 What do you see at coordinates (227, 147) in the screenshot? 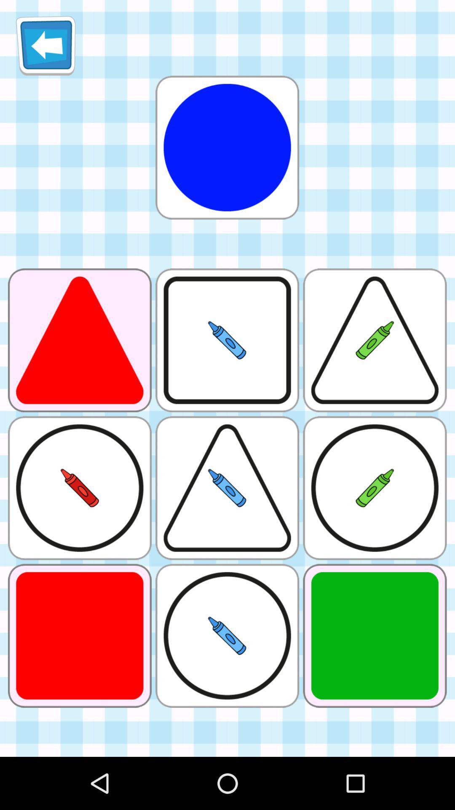
I see `blue circle` at bounding box center [227, 147].